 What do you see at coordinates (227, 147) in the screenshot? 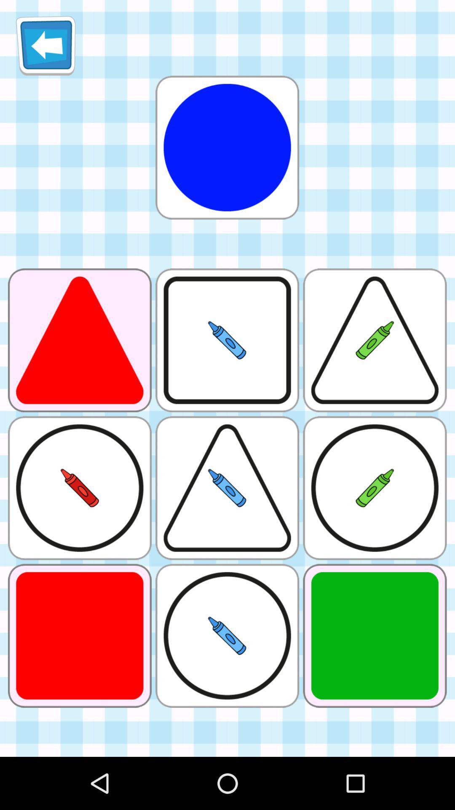
I see `blue circle` at bounding box center [227, 147].